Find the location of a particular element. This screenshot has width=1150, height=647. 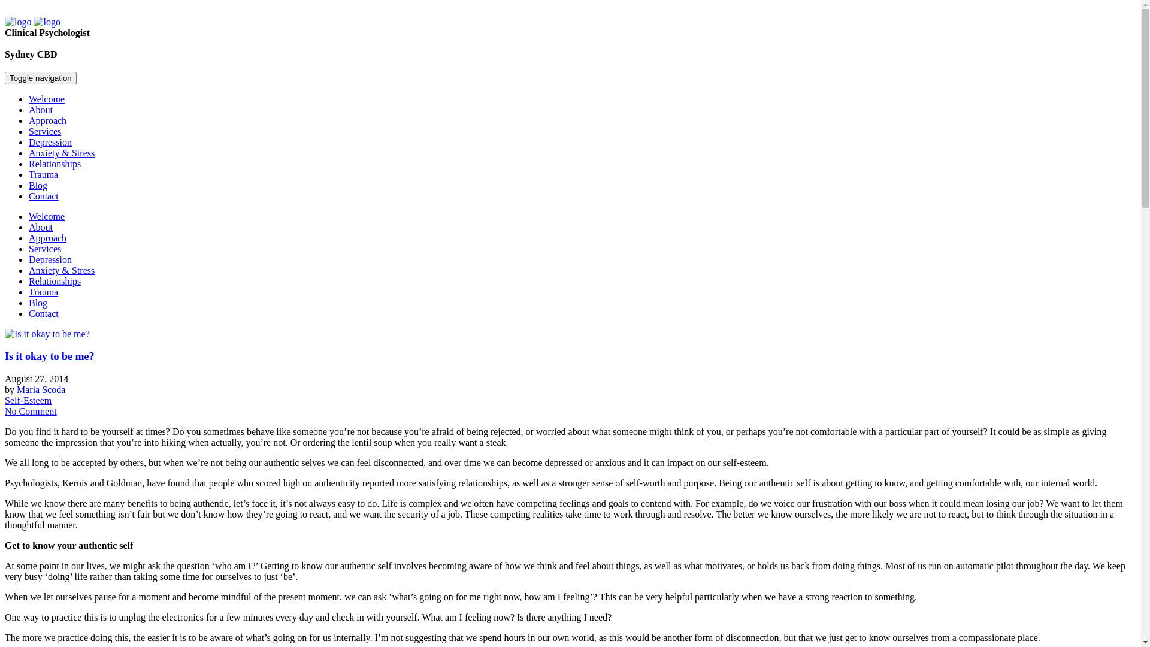

'Is it okay to be me?' is located at coordinates (5, 355).